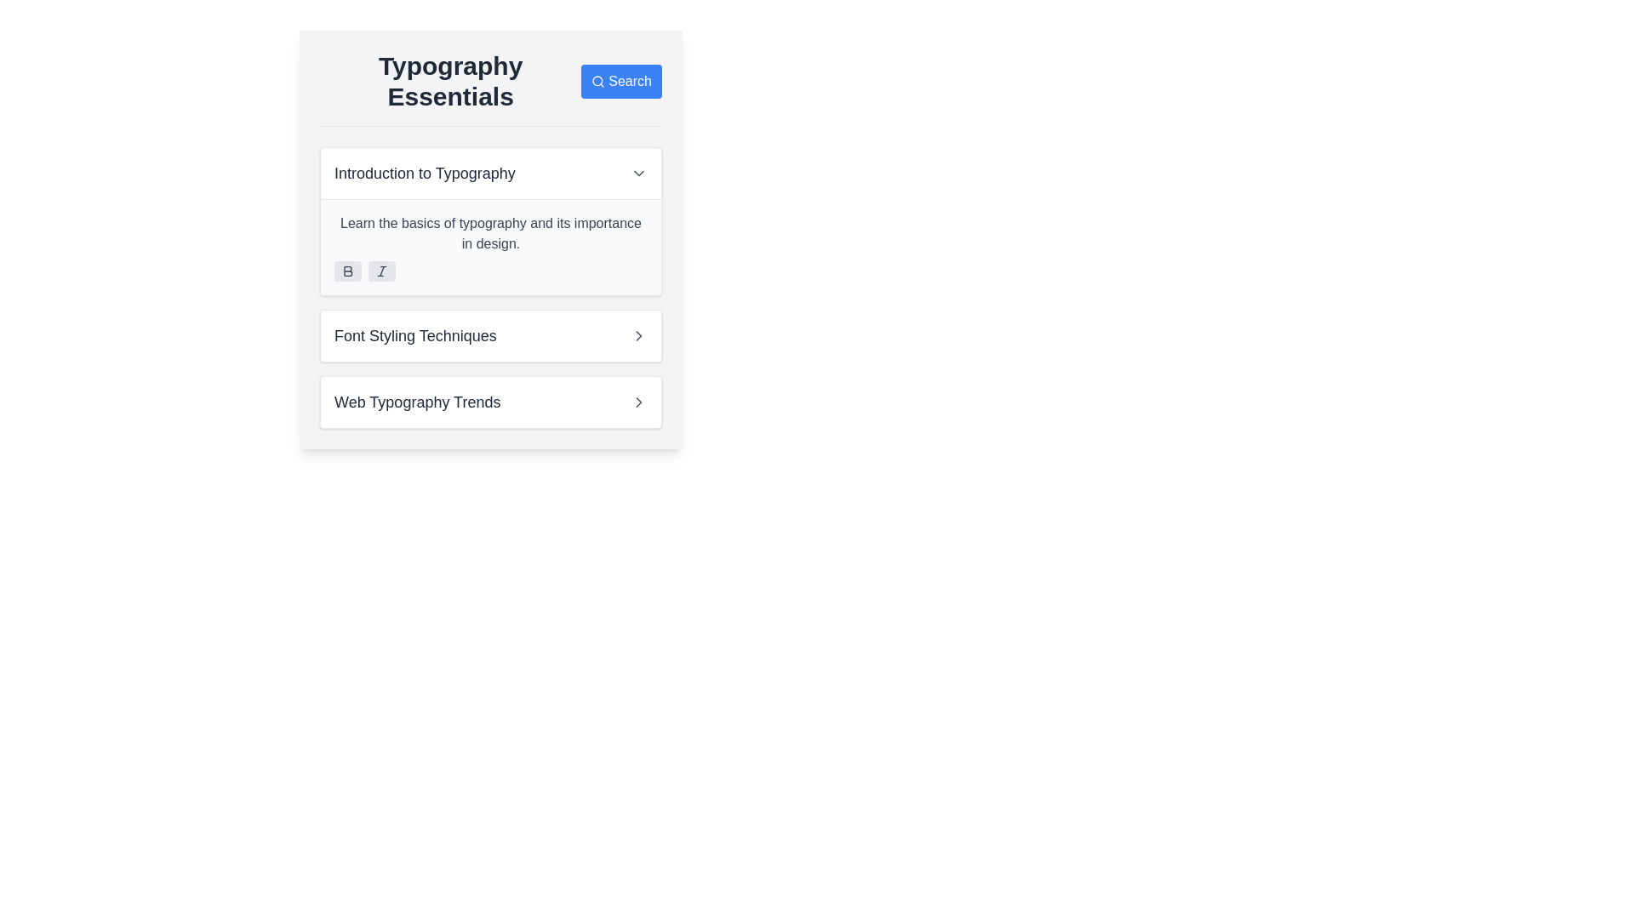  What do you see at coordinates (489, 233) in the screenshot?
I see `text display containing 'Learn the basics of typography and its importance in design.' which is styled in gray and positioned in the center of the section titled 'Introduction to Typography'` at bounding box center [489, 233].